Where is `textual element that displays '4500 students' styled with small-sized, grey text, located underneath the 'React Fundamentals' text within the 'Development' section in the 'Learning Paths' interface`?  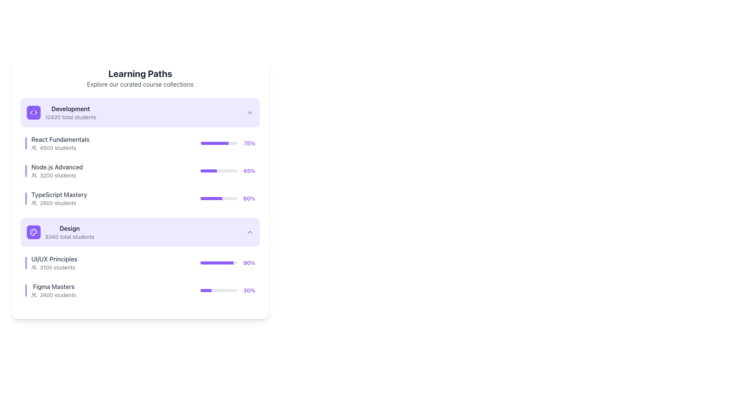
textual element that displays '4500 students' styled with small-sized, grey text, located underneath the 'React Fundamentals' text within the 'Development' section in the 'Learning Paths' interface is located at coordinates (60, 148).